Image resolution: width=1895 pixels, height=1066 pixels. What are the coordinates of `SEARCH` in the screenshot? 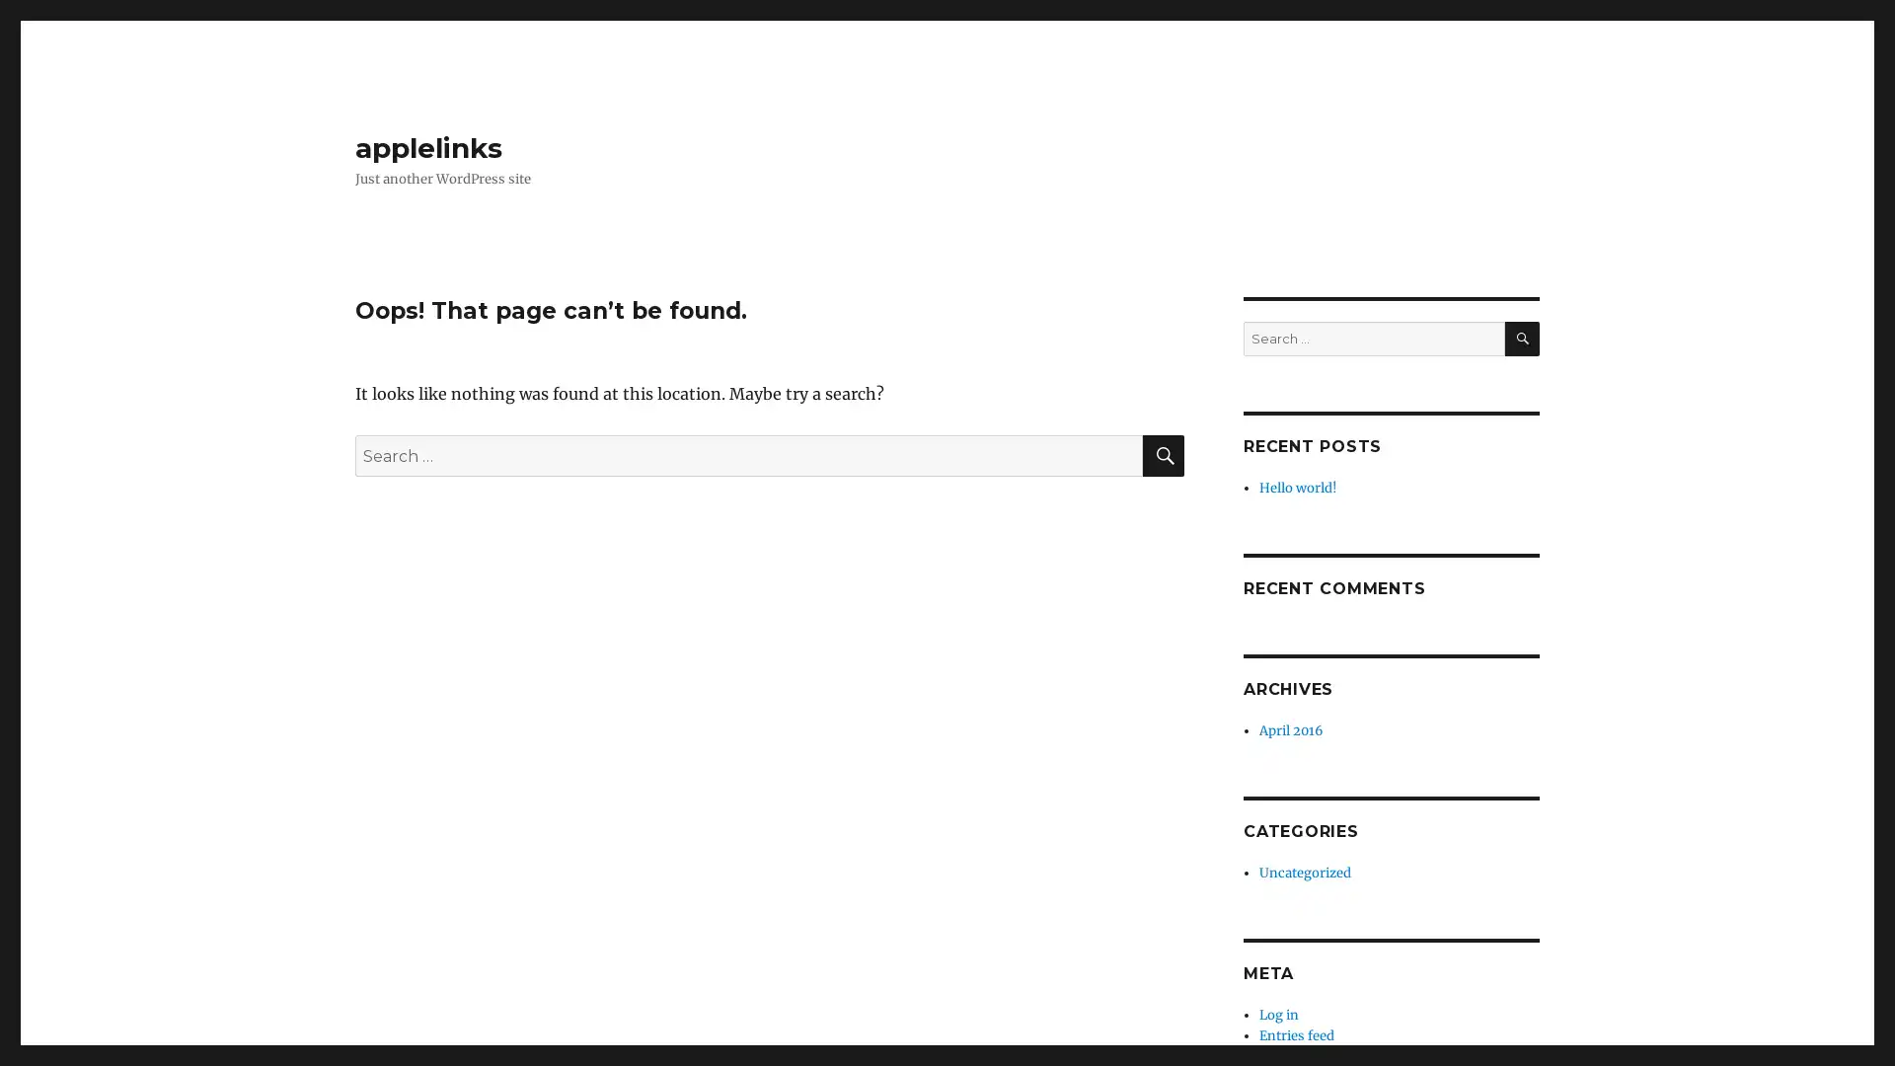 It's located at (1521, 338).